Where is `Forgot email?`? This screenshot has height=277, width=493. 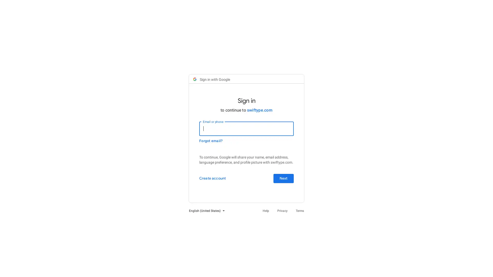 Forgot email? is located at coordinates (211, 140).